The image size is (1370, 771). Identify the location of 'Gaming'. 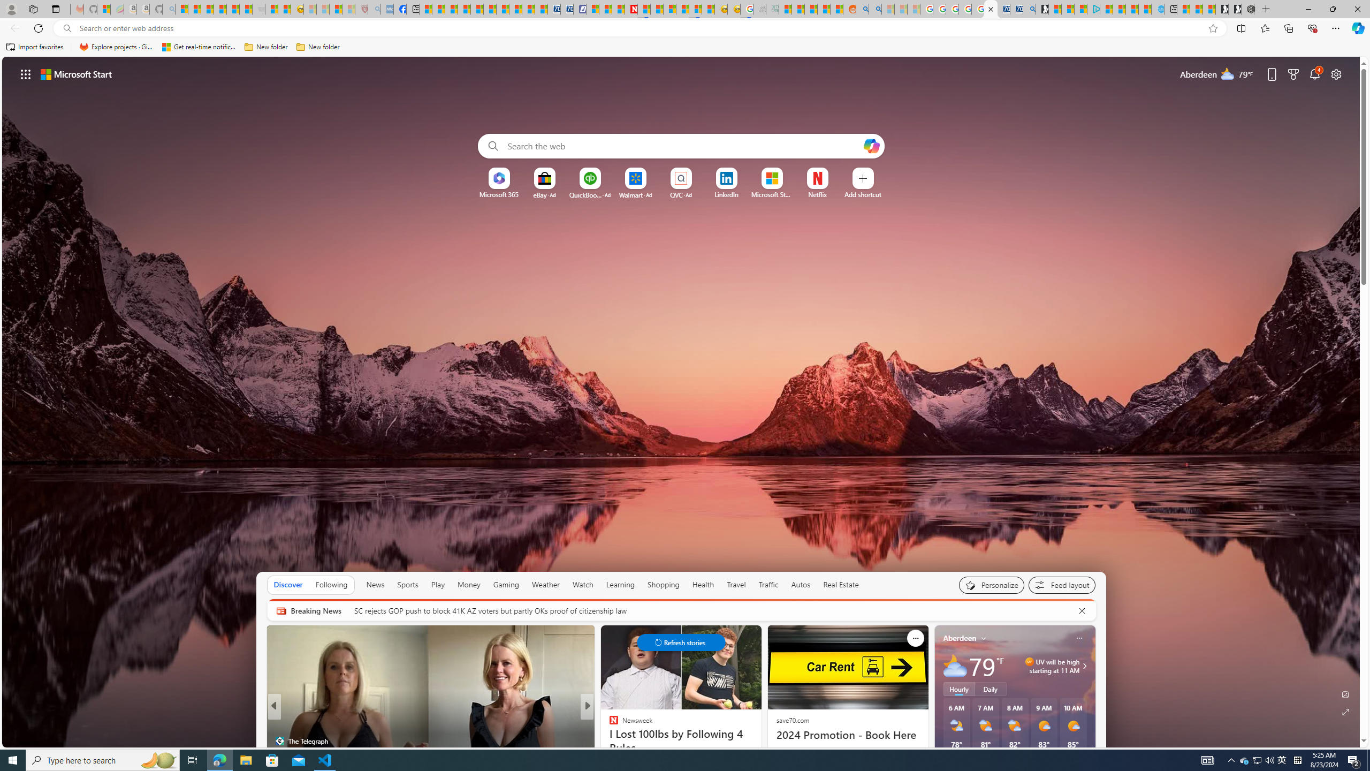
(506, 584).